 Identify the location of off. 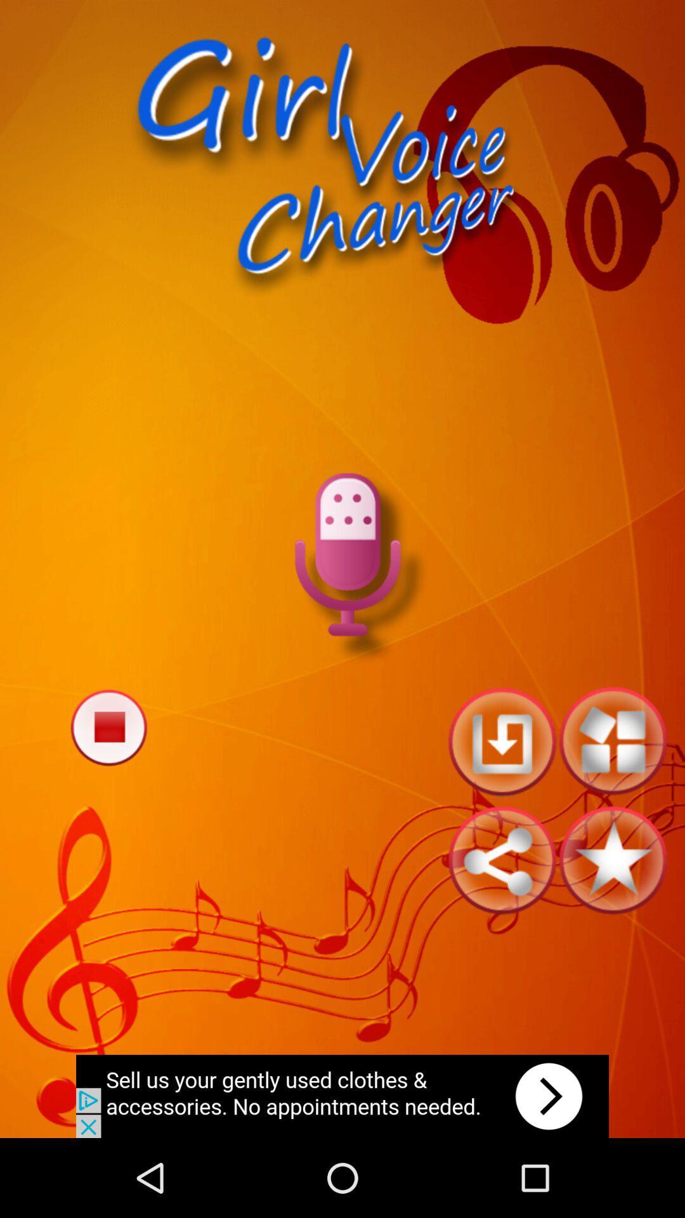
(108, 727).